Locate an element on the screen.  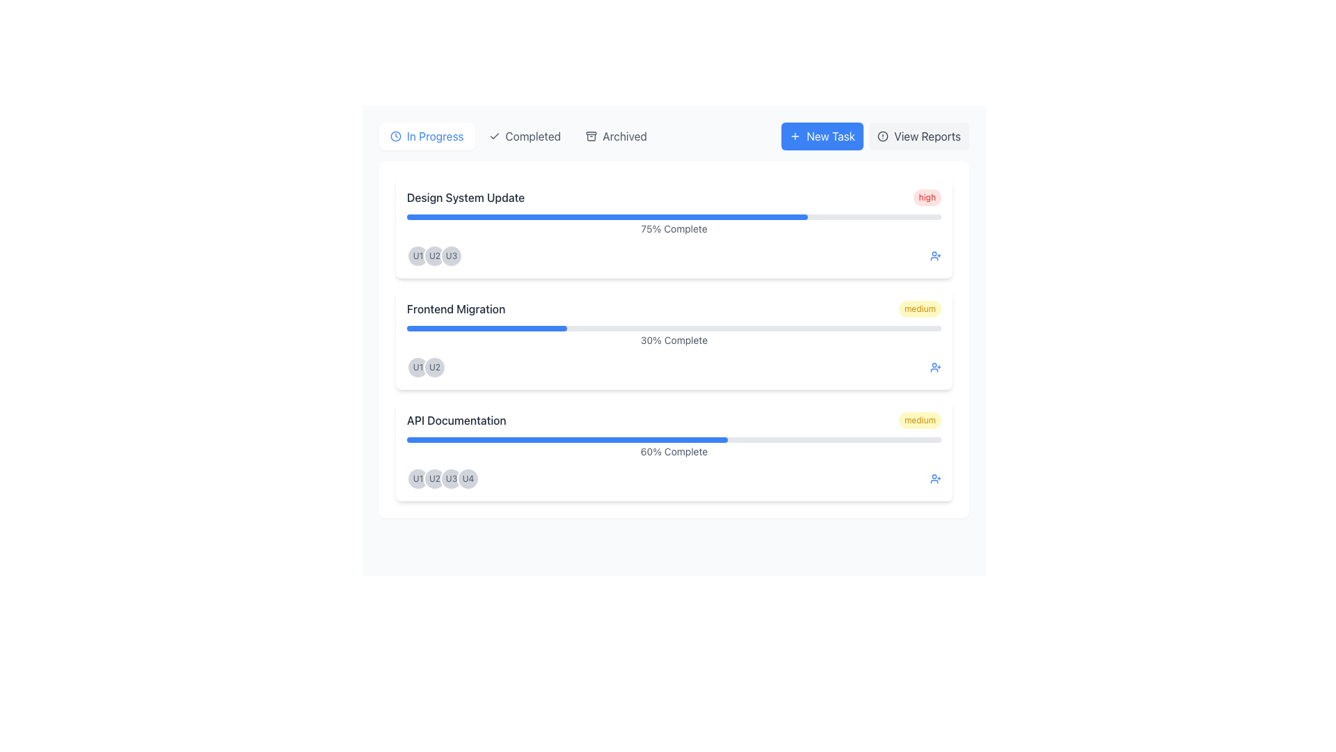
a user icon in the 'API Documentation' section is located at coordinates (443, 478).